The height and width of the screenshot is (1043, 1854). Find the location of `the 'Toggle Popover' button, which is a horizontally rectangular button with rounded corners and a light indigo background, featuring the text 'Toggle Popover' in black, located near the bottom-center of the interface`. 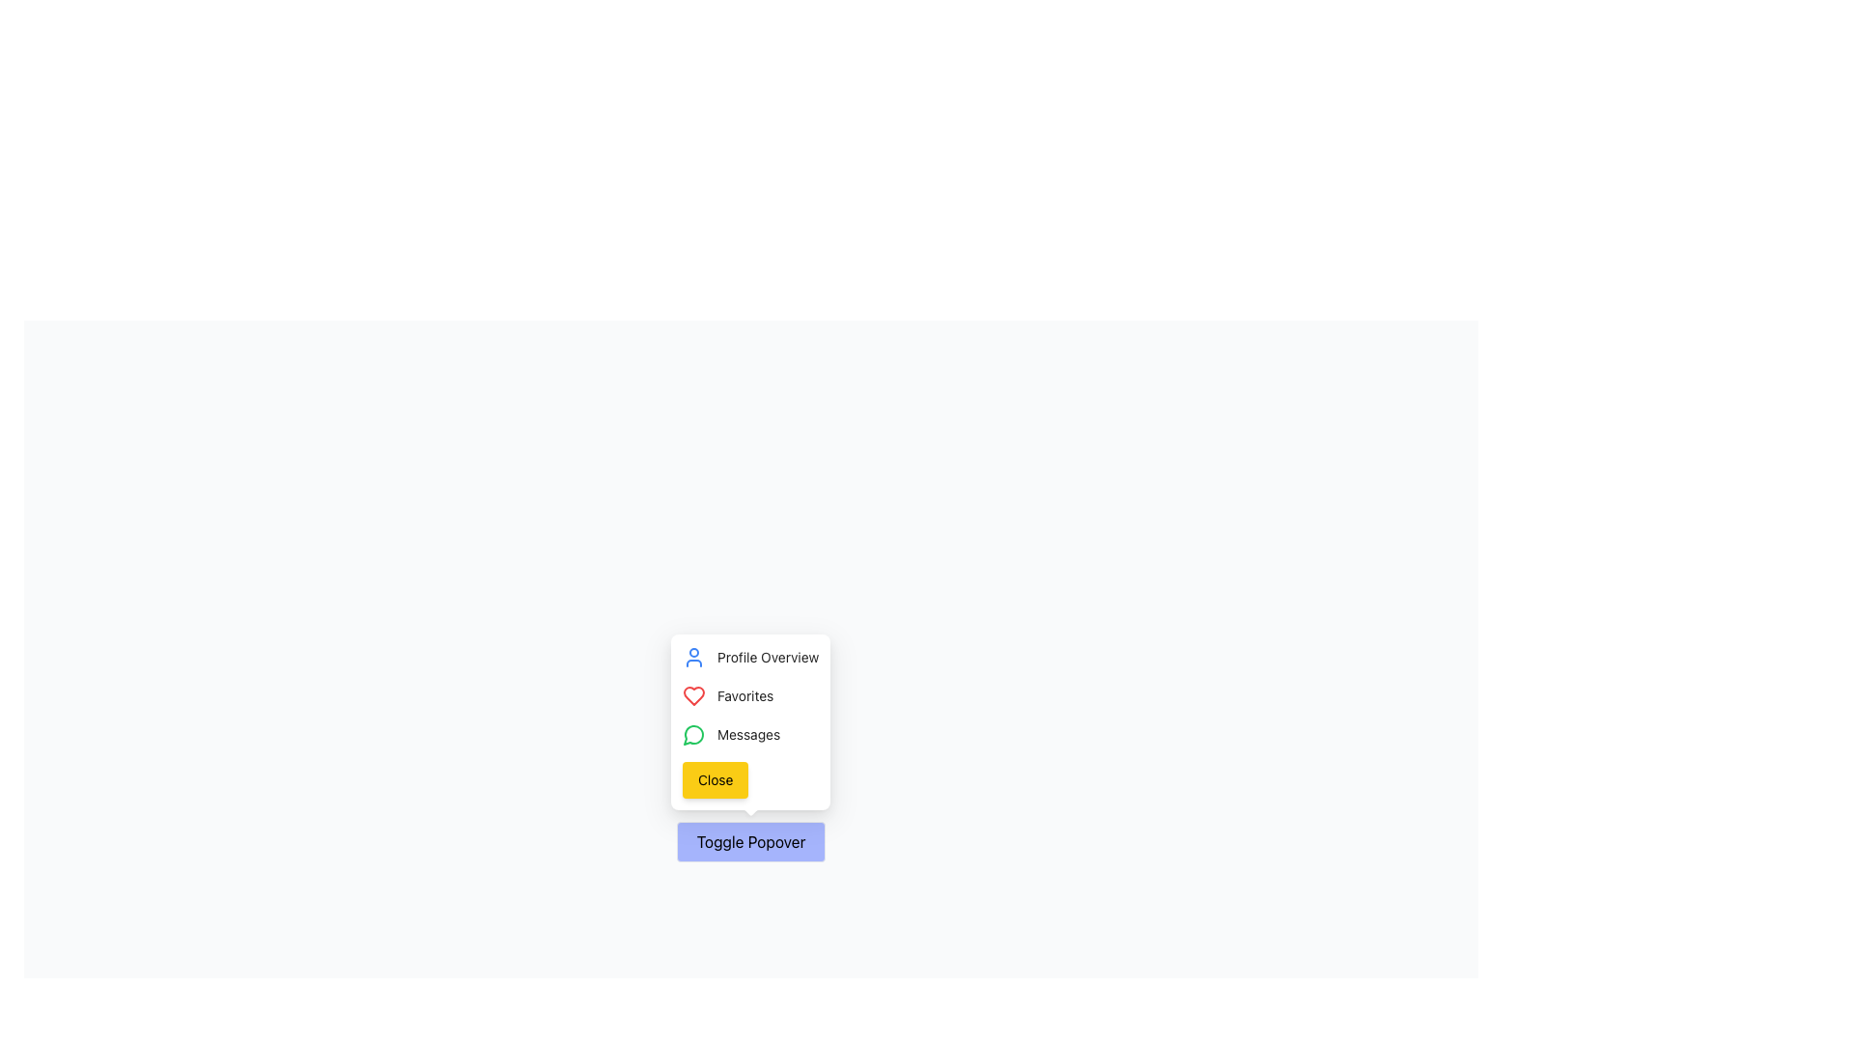

the 'Toggle Popover' button, which is a horizontally rectangular button with rounded corners and a light indigo background, featuring the text 'Toggle Popover' in black, located near the bottom-center of the interface is located at coordinates (749, 840).